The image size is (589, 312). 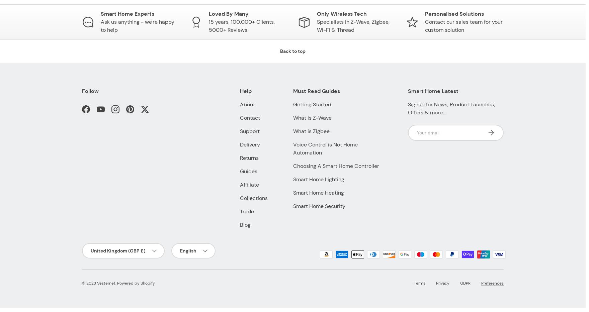 I want to click on 'Trade', so click(x=246, y=211).